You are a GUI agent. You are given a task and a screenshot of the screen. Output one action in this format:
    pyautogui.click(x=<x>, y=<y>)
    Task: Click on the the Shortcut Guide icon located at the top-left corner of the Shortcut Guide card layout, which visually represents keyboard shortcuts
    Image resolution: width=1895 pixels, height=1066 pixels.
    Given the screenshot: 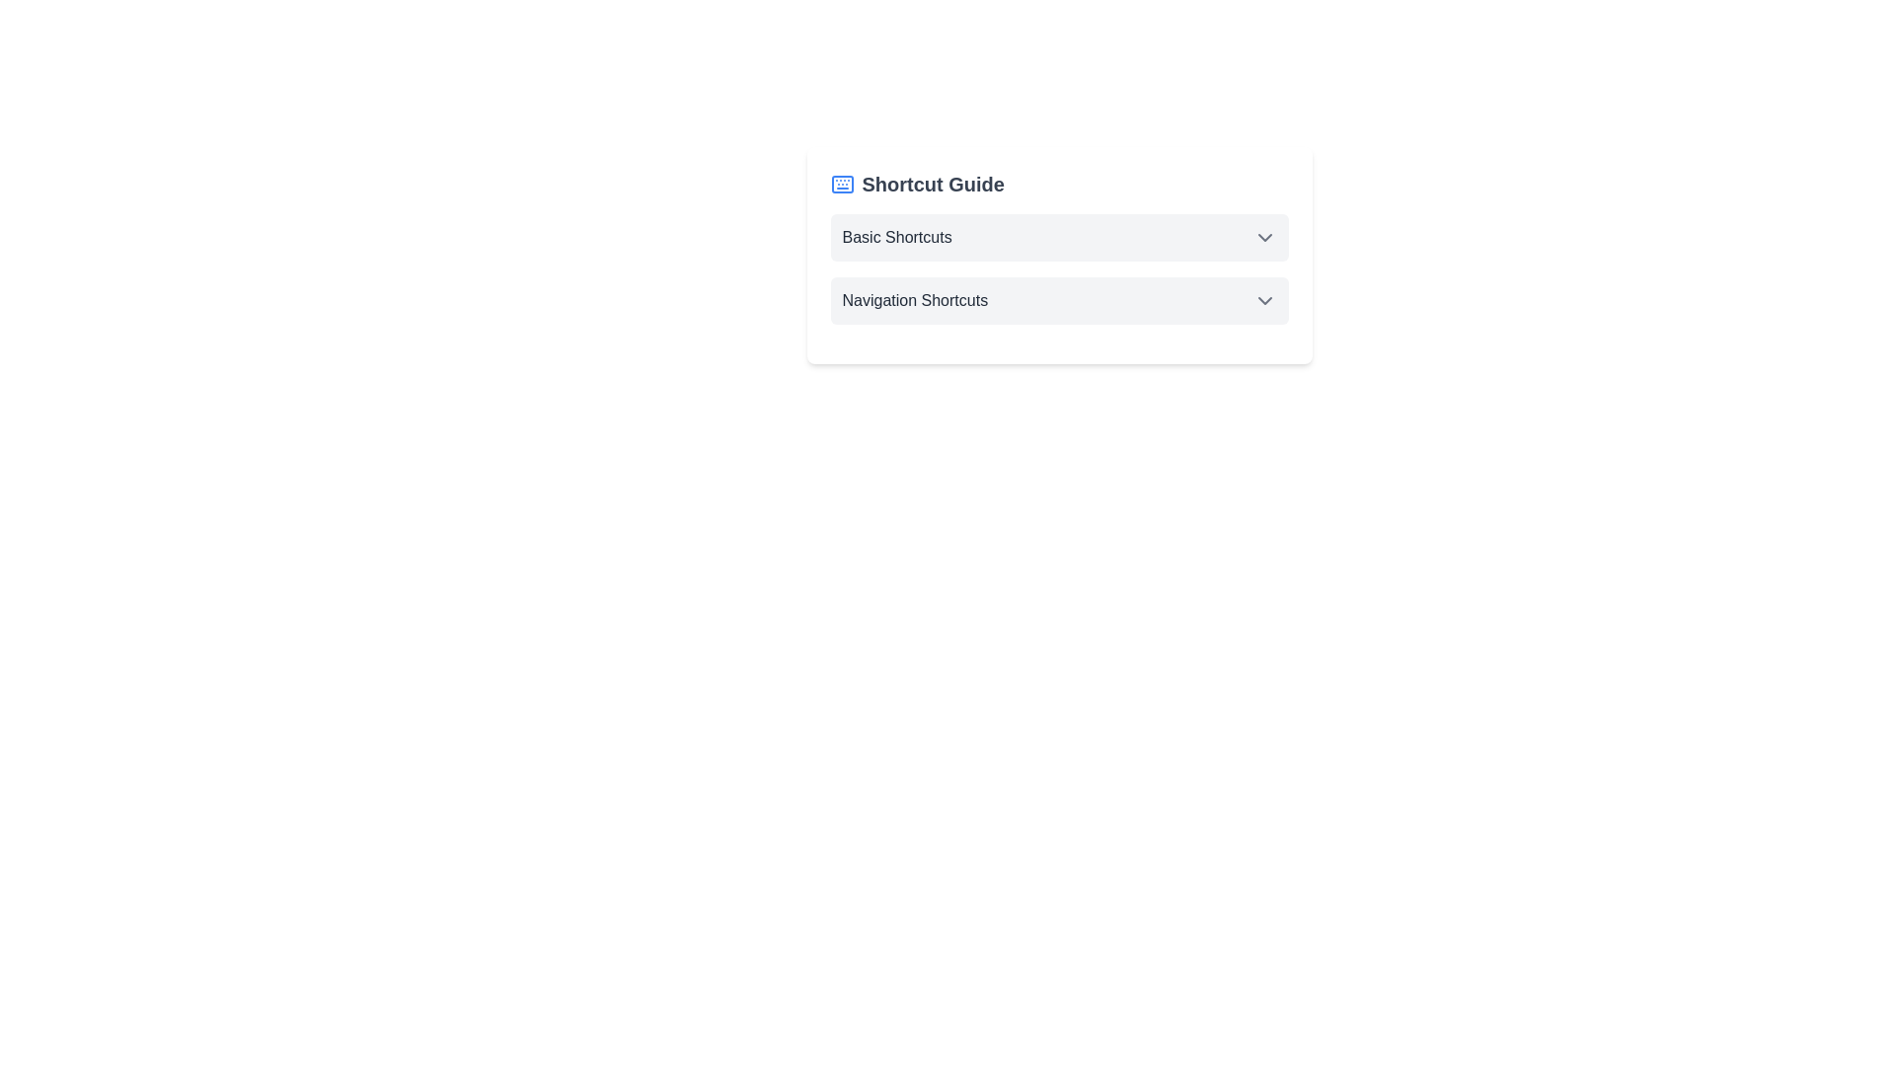 What is the action you would take?
    pyautogui.click(x=842, y=184)
    